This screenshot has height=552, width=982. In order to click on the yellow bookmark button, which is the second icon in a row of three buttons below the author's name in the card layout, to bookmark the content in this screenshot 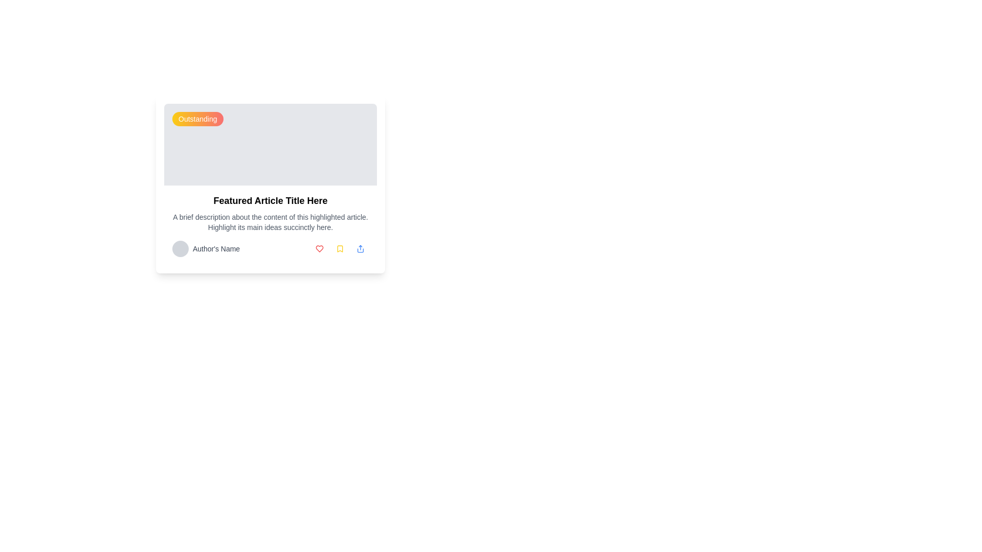, I will do `click(340, 248)`.